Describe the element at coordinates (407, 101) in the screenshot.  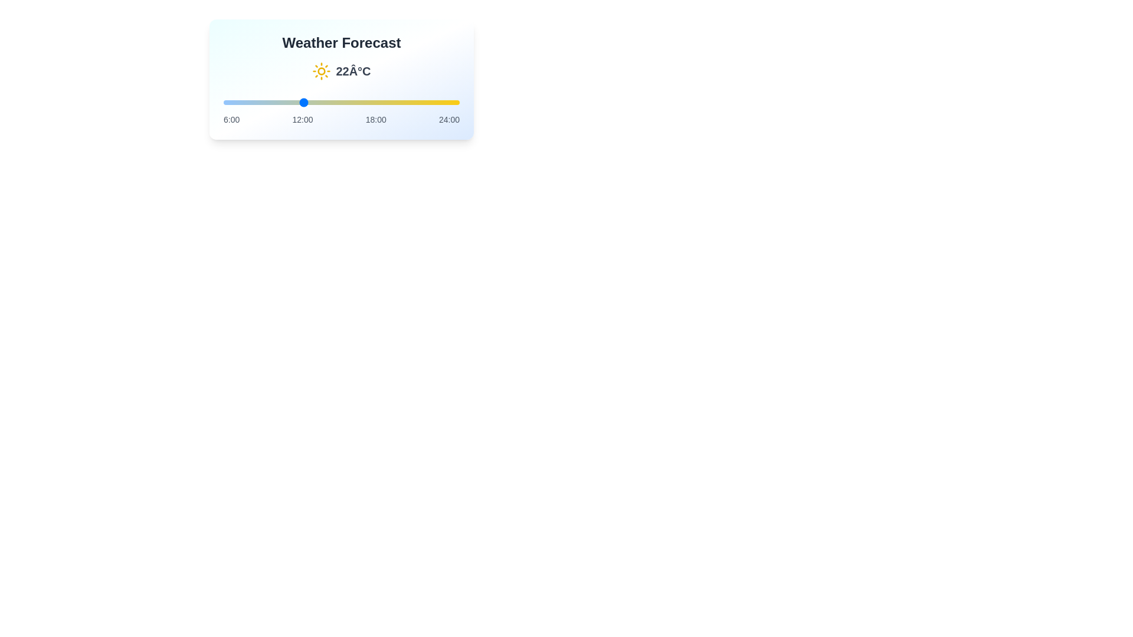
I see `the slider to set the hour to 20` at that location.